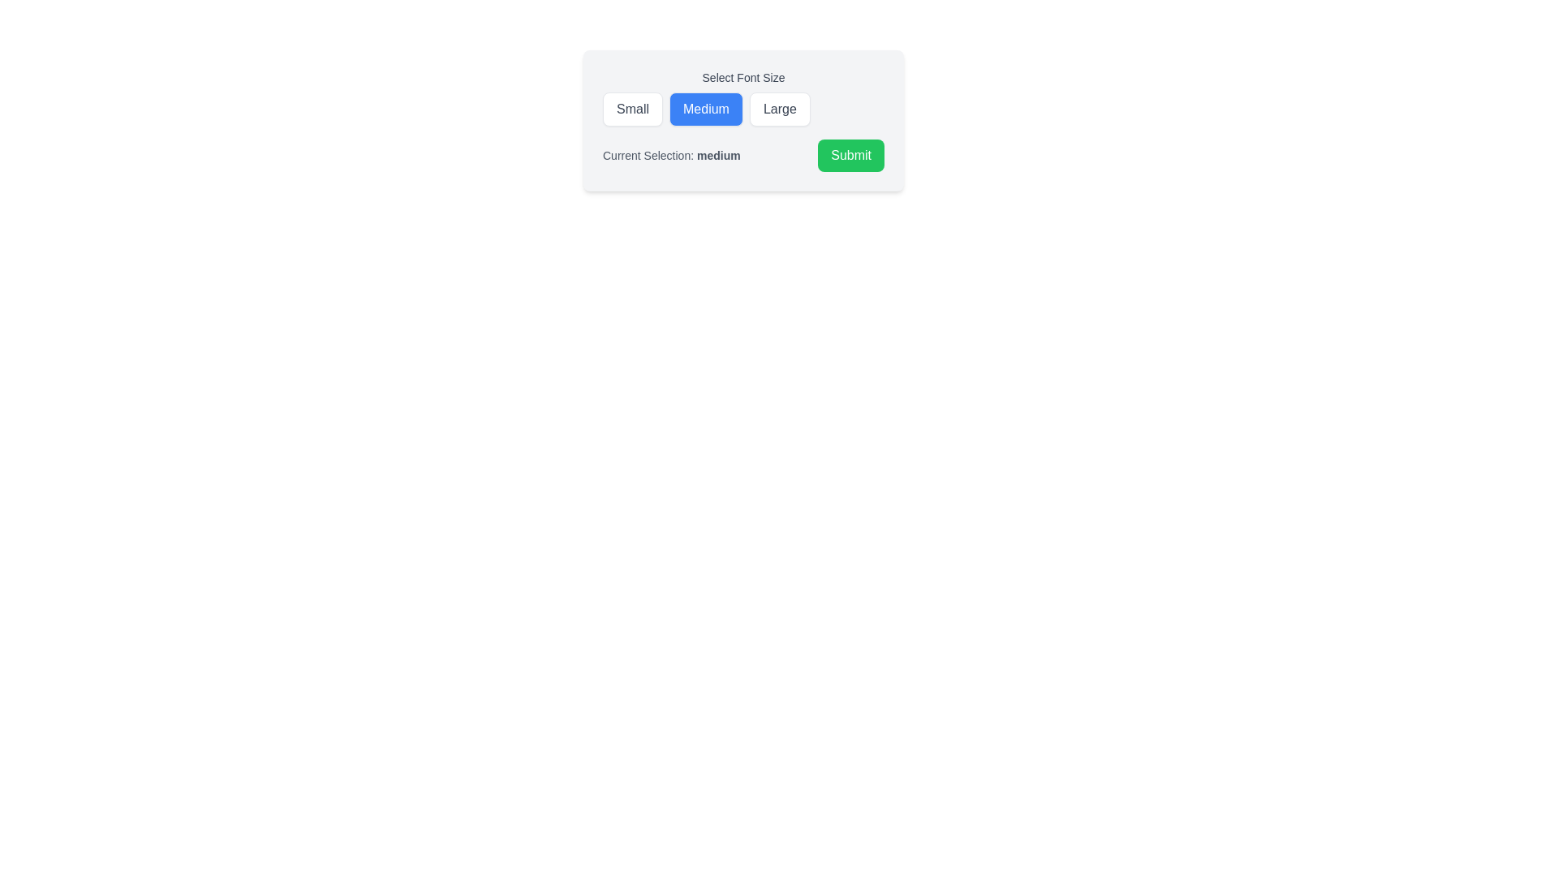  What do you see at coordinates (780, 109) in the screenshot?
I see `the button labeled 'Large' which is a rounded rectangle with dark gray text on a white background, located to the right of the 'Medium' button` at bounding box center [780, 109].